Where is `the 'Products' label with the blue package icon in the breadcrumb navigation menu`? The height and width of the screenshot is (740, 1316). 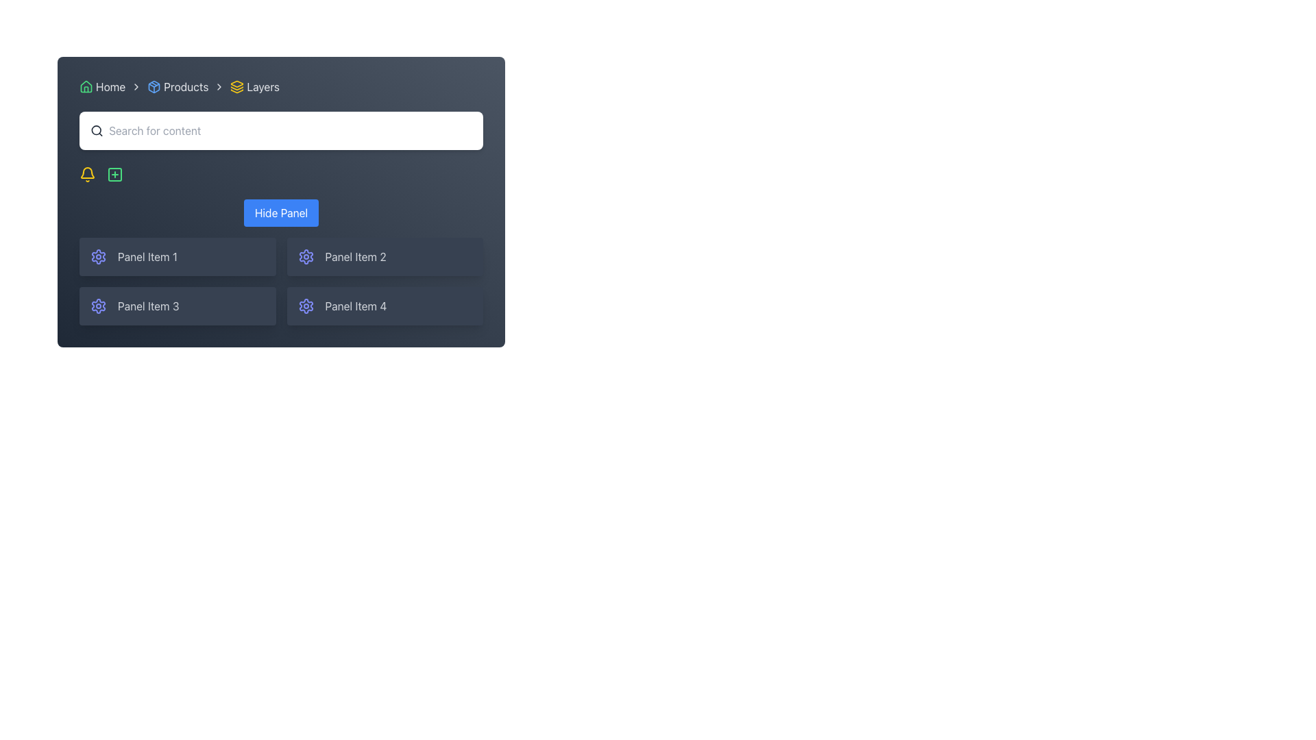 the 'Products' label with the blue package icon in the breadcrumb navigation menu is located at coordinates (177, 87).